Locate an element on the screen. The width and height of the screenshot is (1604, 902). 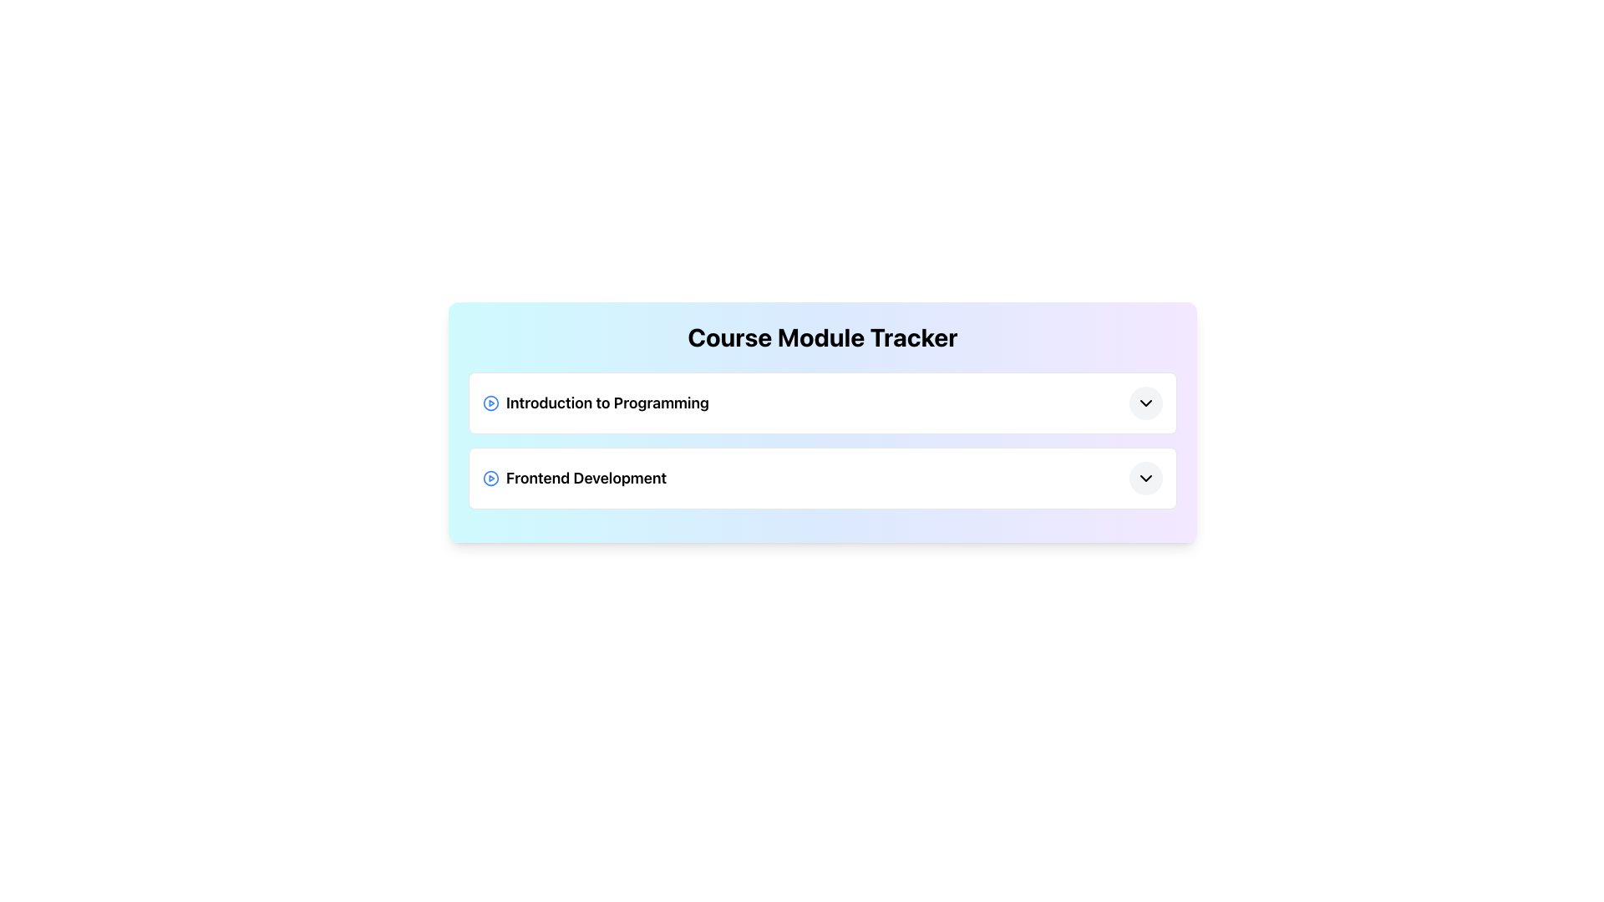
the play button icon located to the left of the text 'Introduction to Programming' is located at coordinates (490, 403).